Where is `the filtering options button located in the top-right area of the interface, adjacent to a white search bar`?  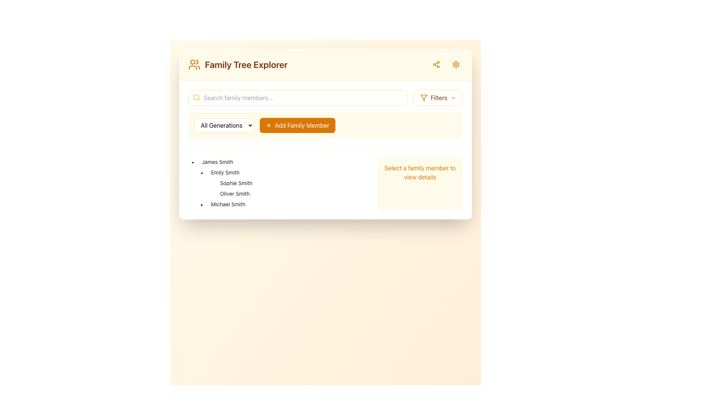
the filtering options button located in the top-right area of the interface, adjacent to a white search bar is located at coordinates (438, 97).